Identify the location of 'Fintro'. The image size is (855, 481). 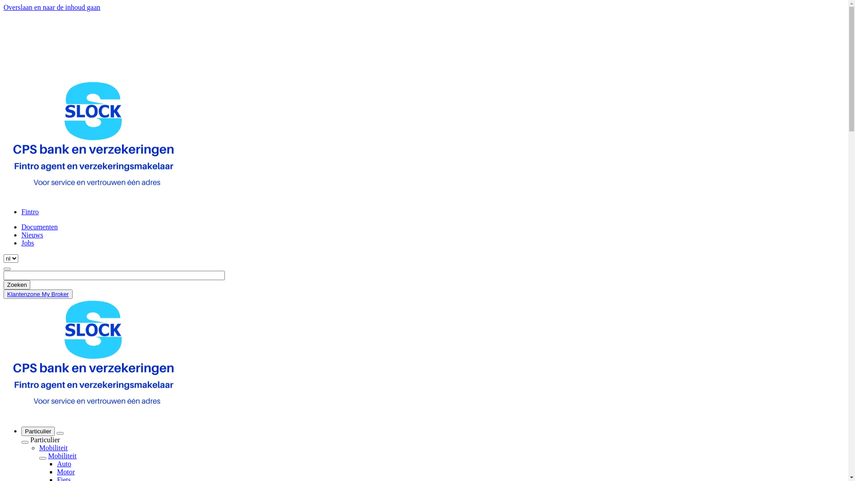
(21, 212).